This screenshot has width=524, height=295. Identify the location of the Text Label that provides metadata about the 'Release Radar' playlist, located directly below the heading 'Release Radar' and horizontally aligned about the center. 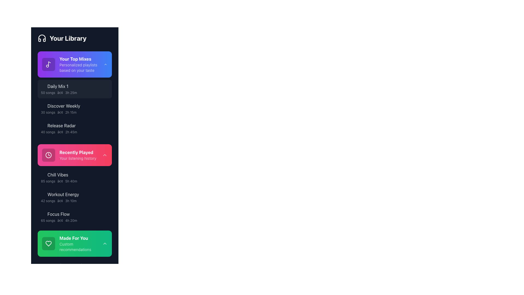
(72, 132).